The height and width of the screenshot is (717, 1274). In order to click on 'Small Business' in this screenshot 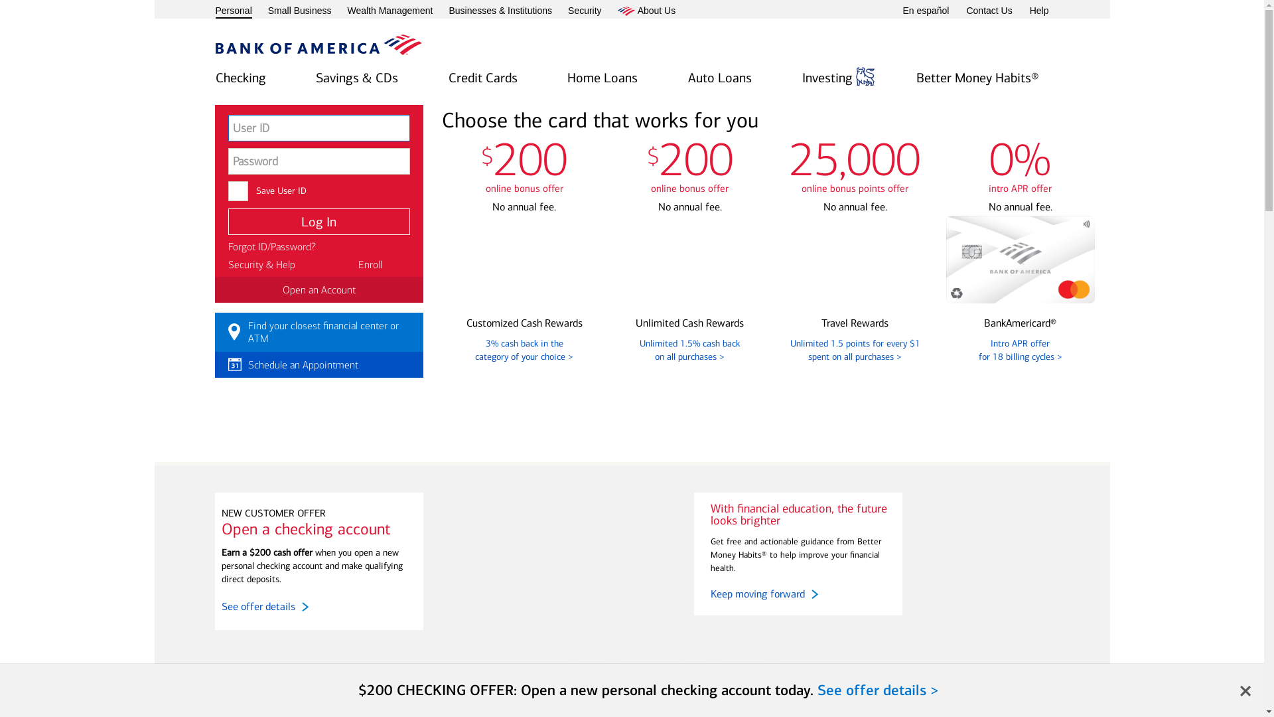, I will do `click(299, 11)`.